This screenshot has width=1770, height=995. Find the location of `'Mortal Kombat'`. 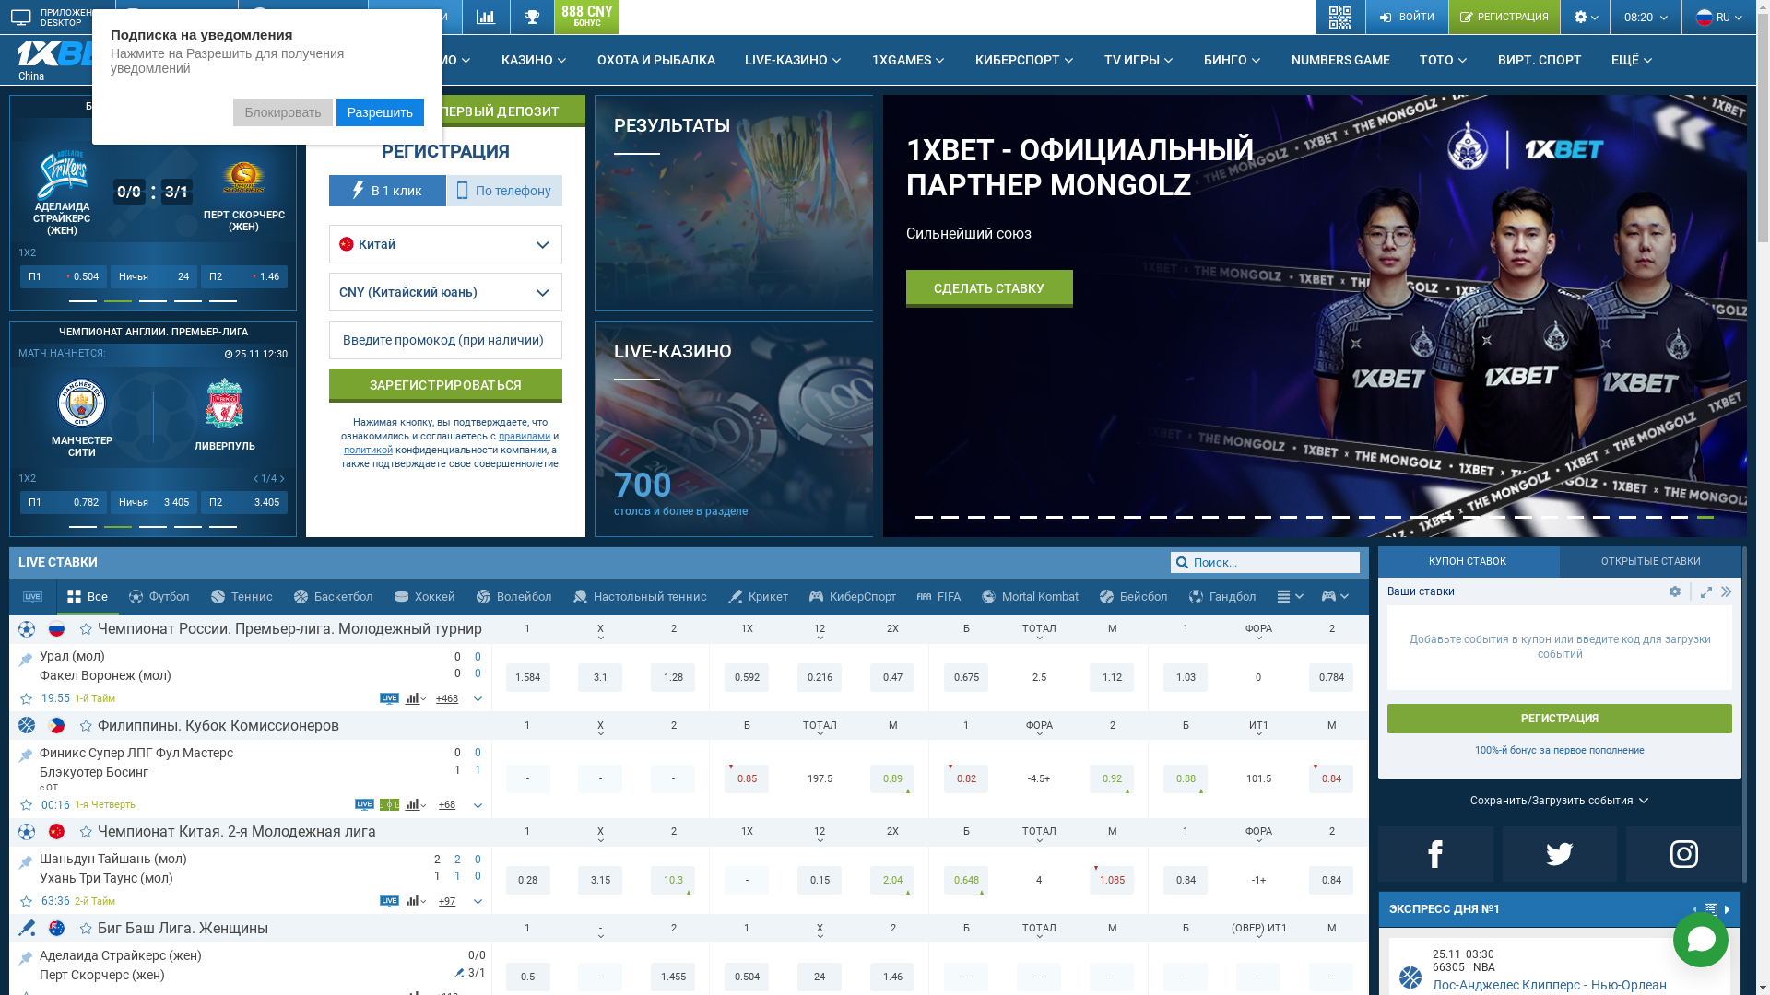

'Mortal Kombat' is located at coordinates (1030, 597).